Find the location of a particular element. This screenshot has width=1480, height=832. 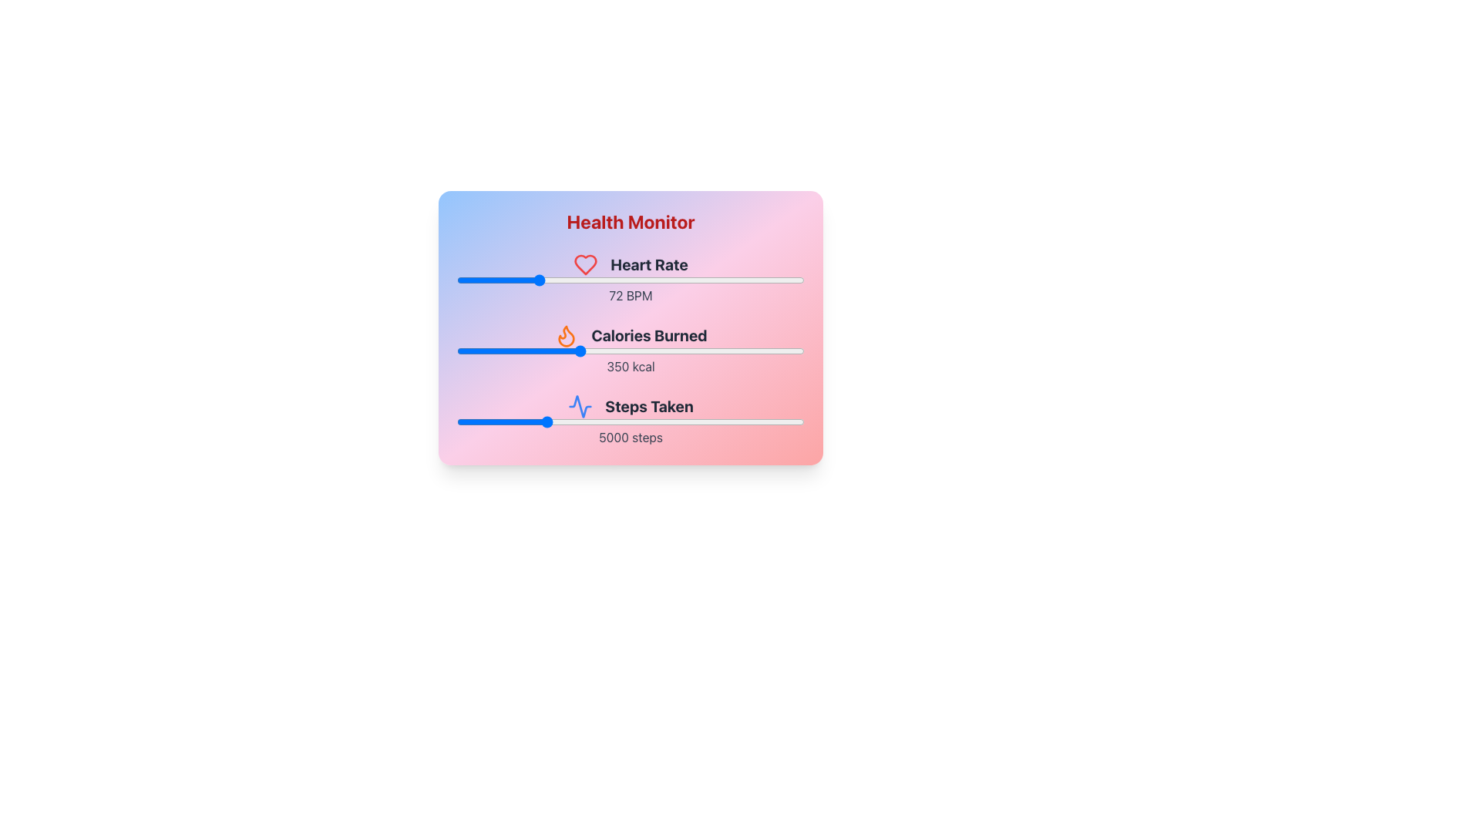

the bold, large text label displaying 'Steps Taken', which is positioned to the right of a sine wave icon and above the subtitle '5000 steps', in the step tracking metrics section is located at coordinates (649, 406).